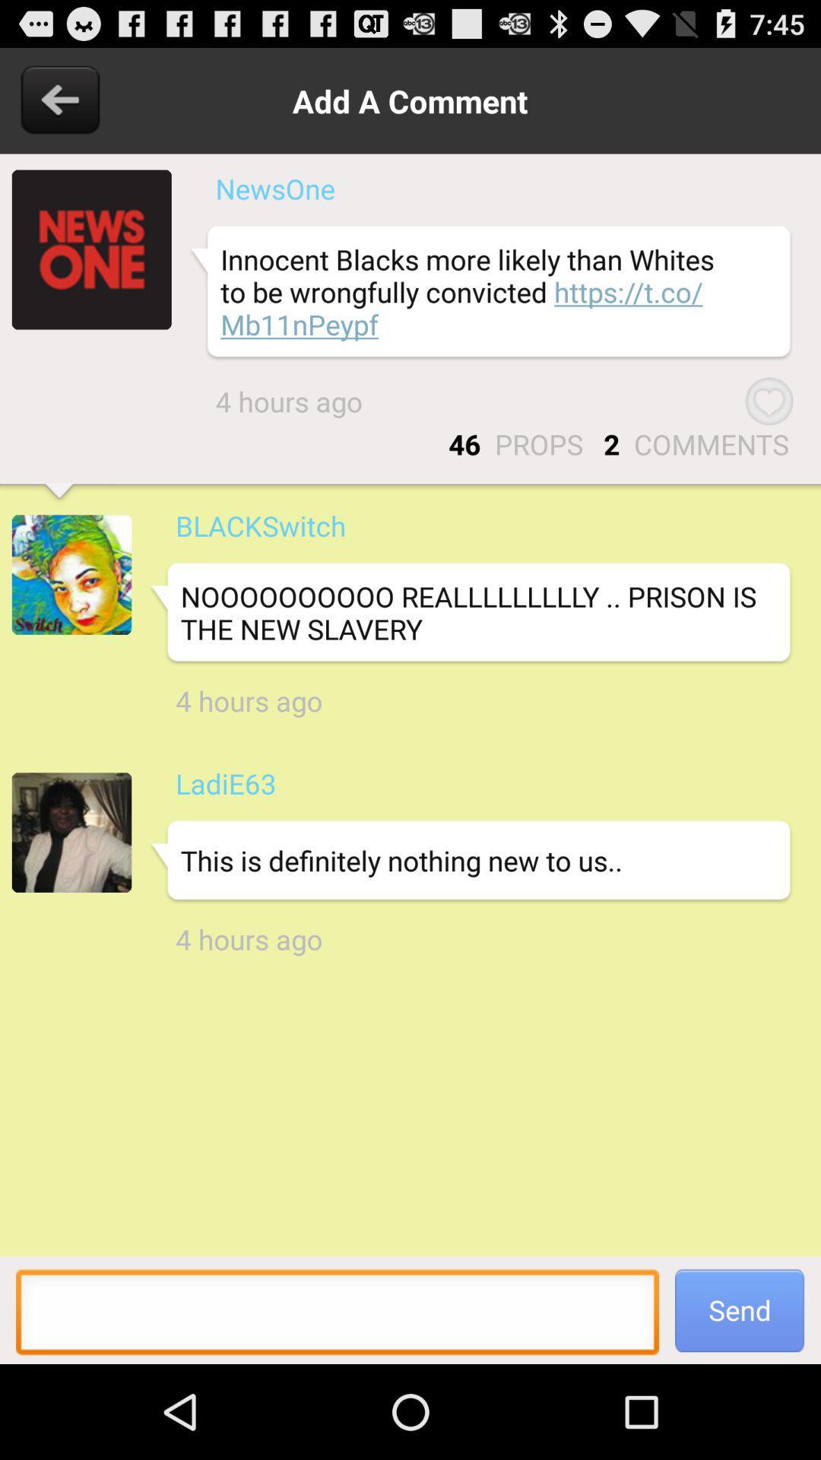  Describe the element at coordinates (769, 401) in the screenshot. I see `the item below the innocent blacks more app` at that location.